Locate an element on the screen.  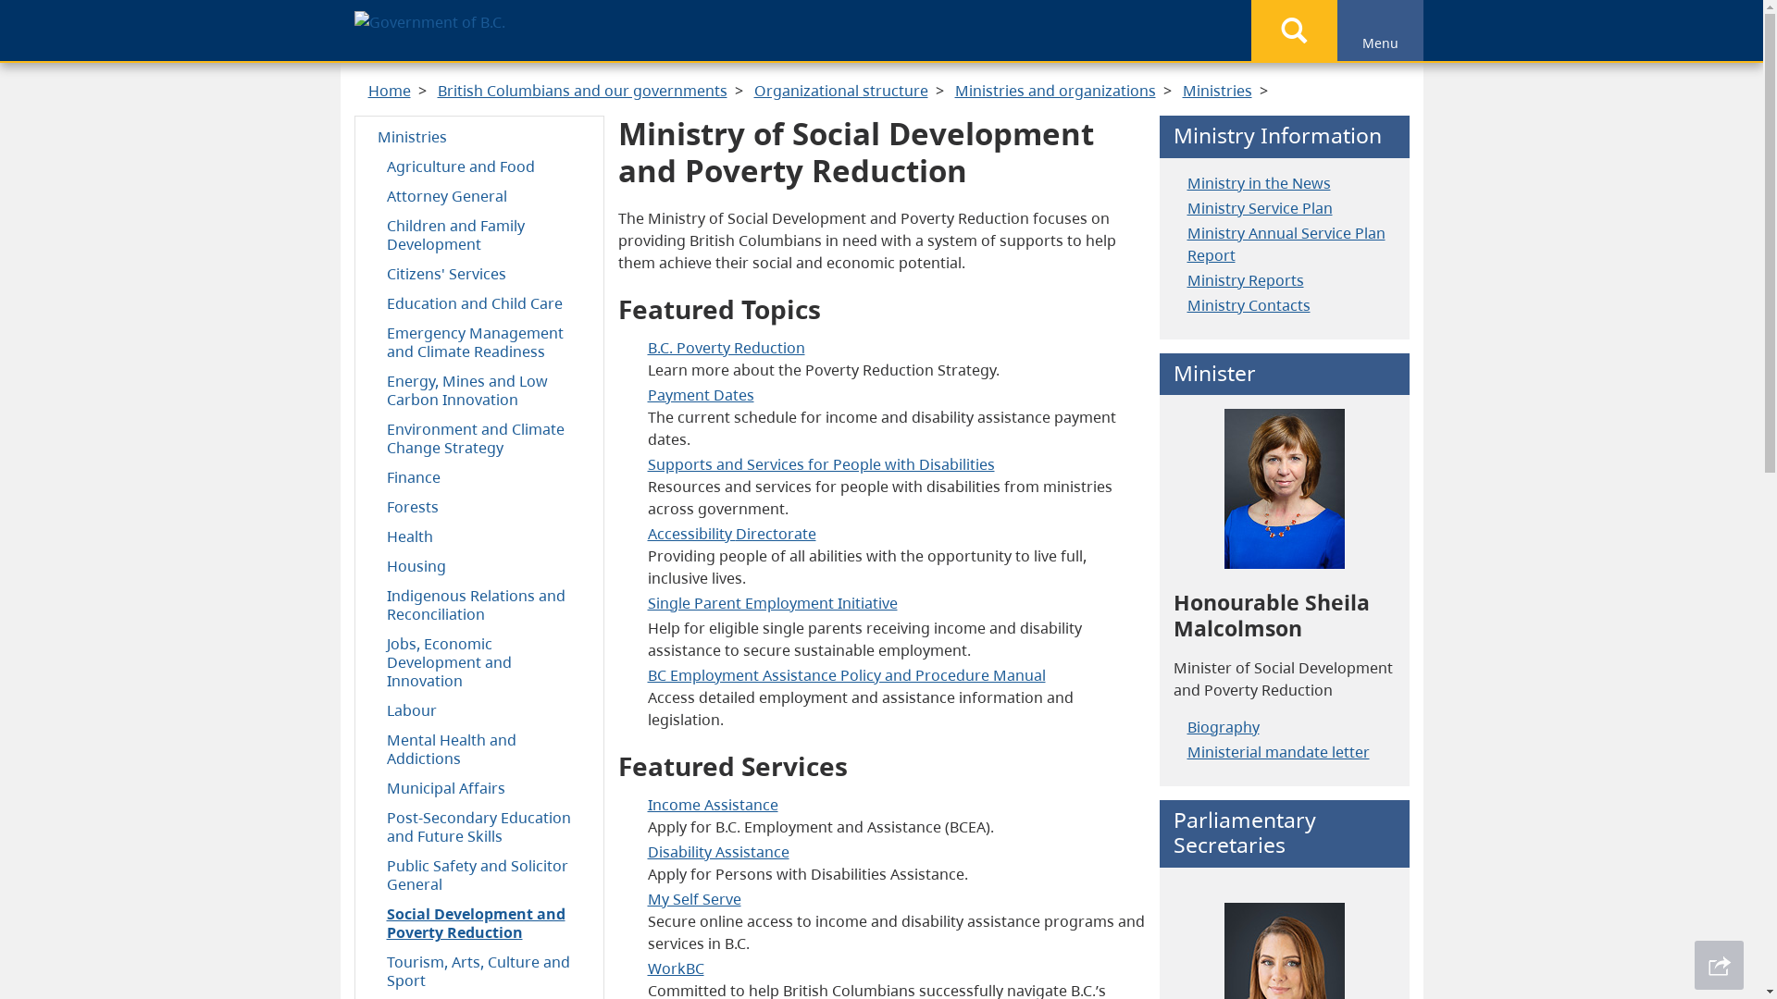
'Ministries' is located at coordinates (479, 134).